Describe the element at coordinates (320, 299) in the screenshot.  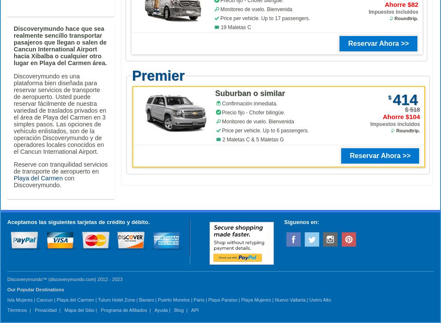
I see `'Uvero Alto'` at that location.